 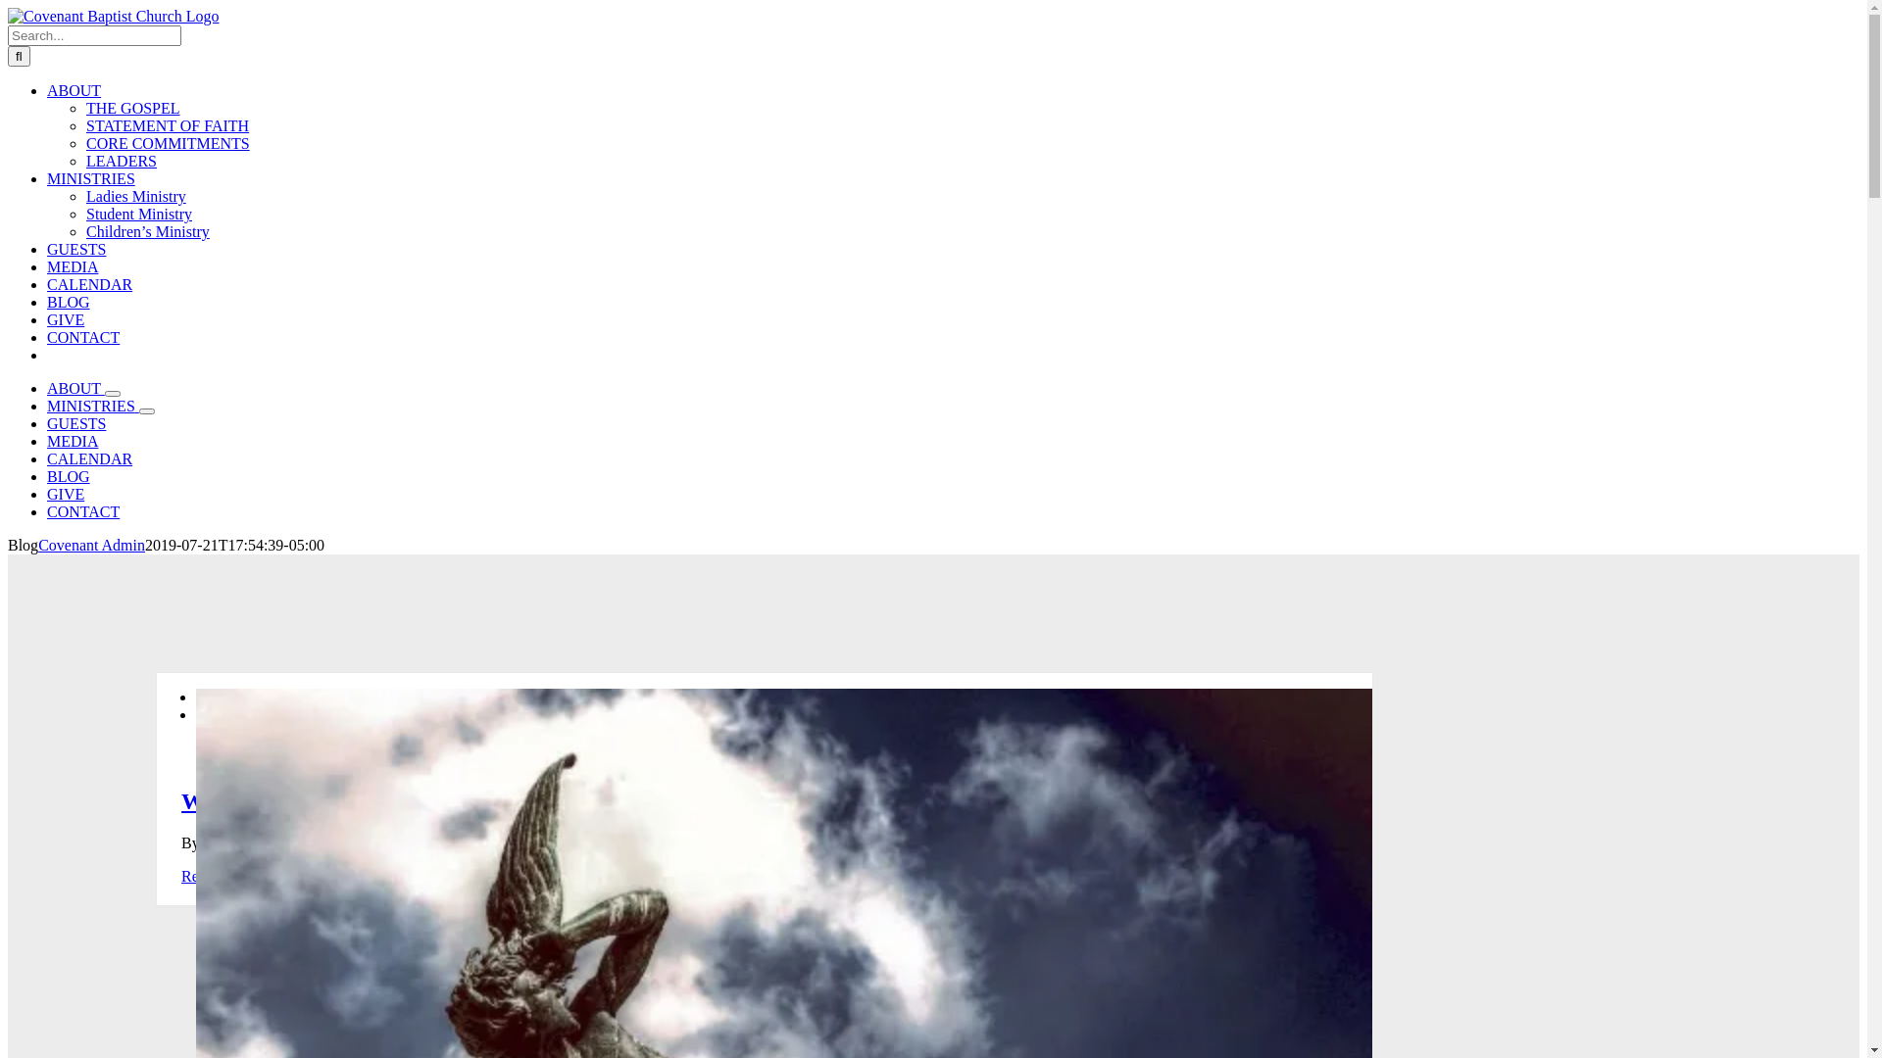 What do you see at coordinates (261, 800) in the screenshot?
I see `'Who is Lucifer?'` at bounding box center [261, 800].